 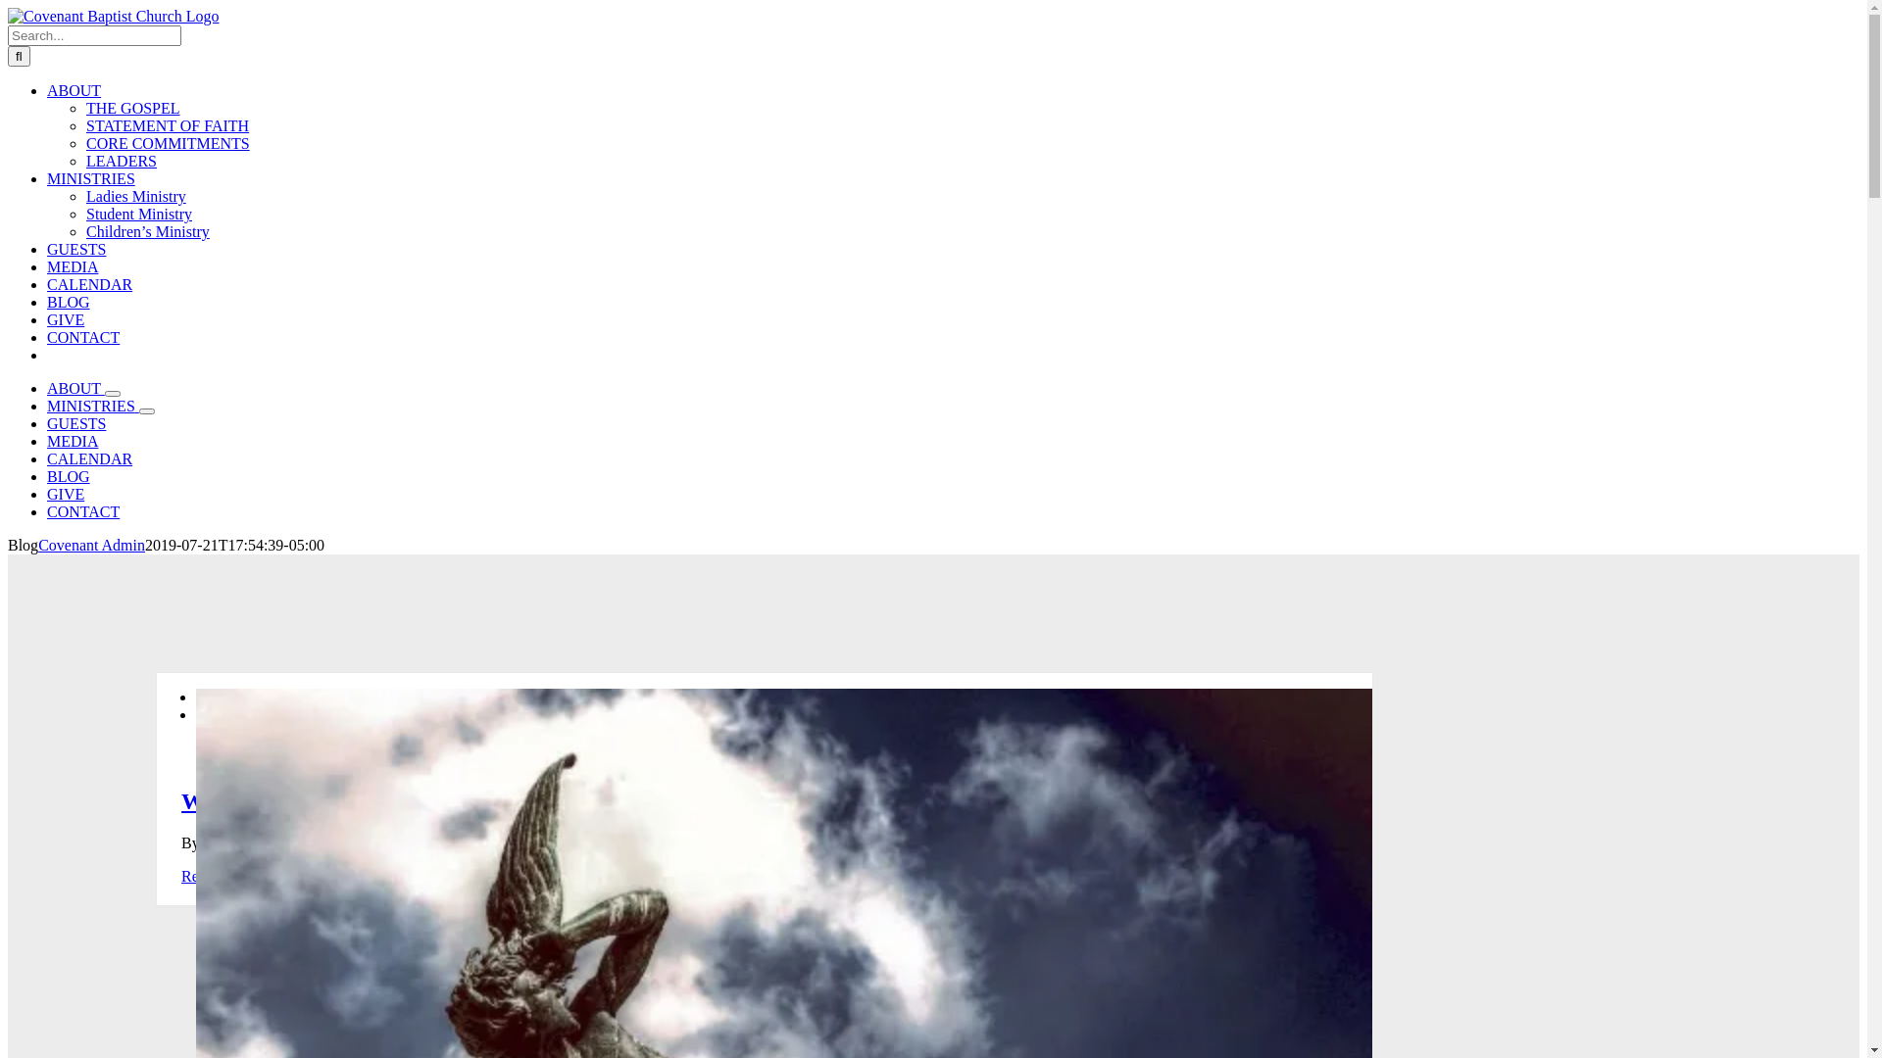 What do you see at coordinates (261, 800) in the screenshot?
I see `'Who is Lucifer?'` at bounding box center [261, 800].